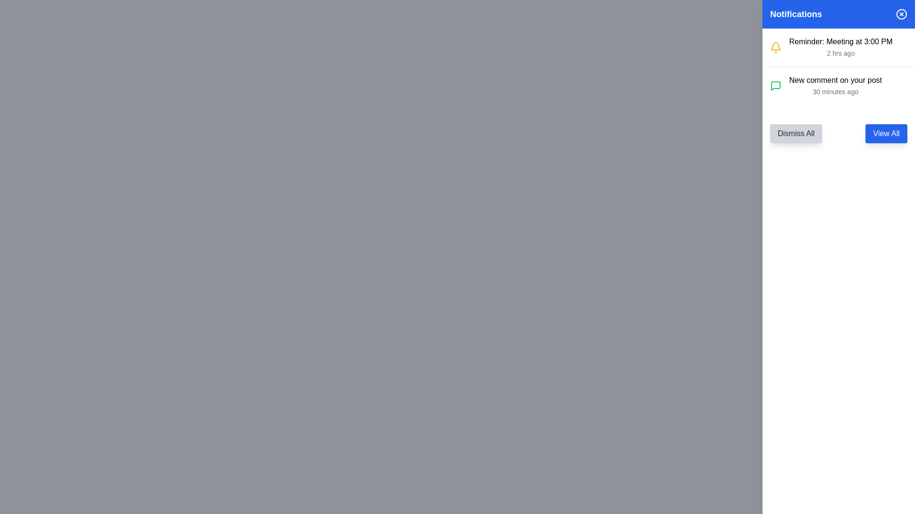  I want to click on the notification bell icon located at the top-right corner of the interface within the blue header section labeled 'Notifications', so click(775, 46).